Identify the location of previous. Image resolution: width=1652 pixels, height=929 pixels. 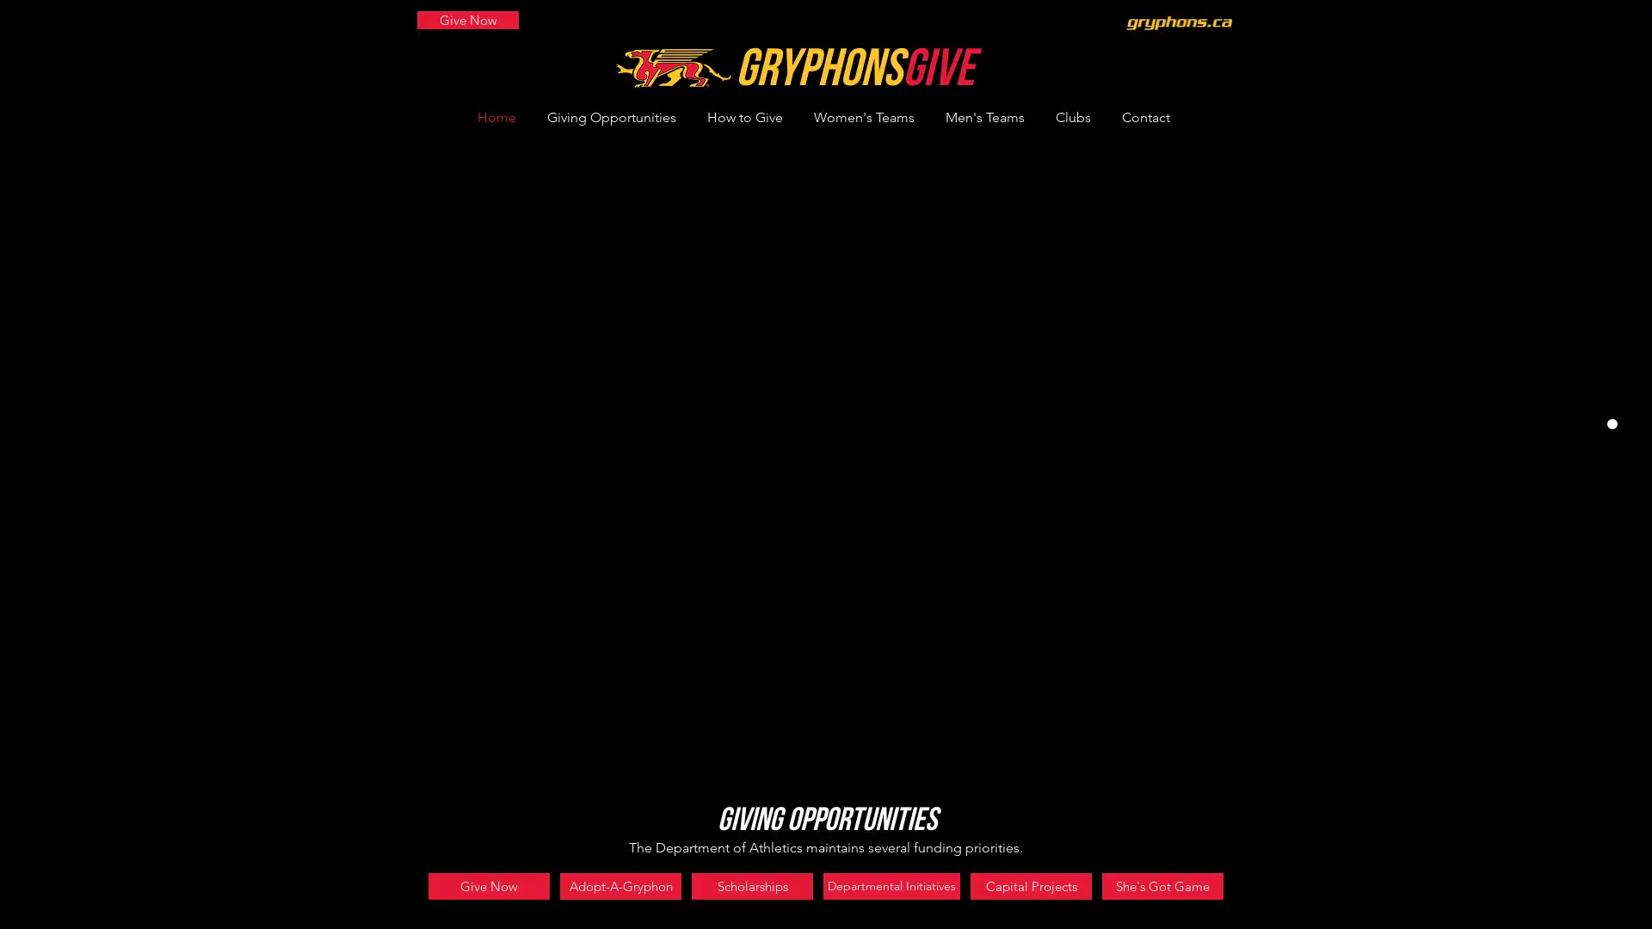
(417, 301).